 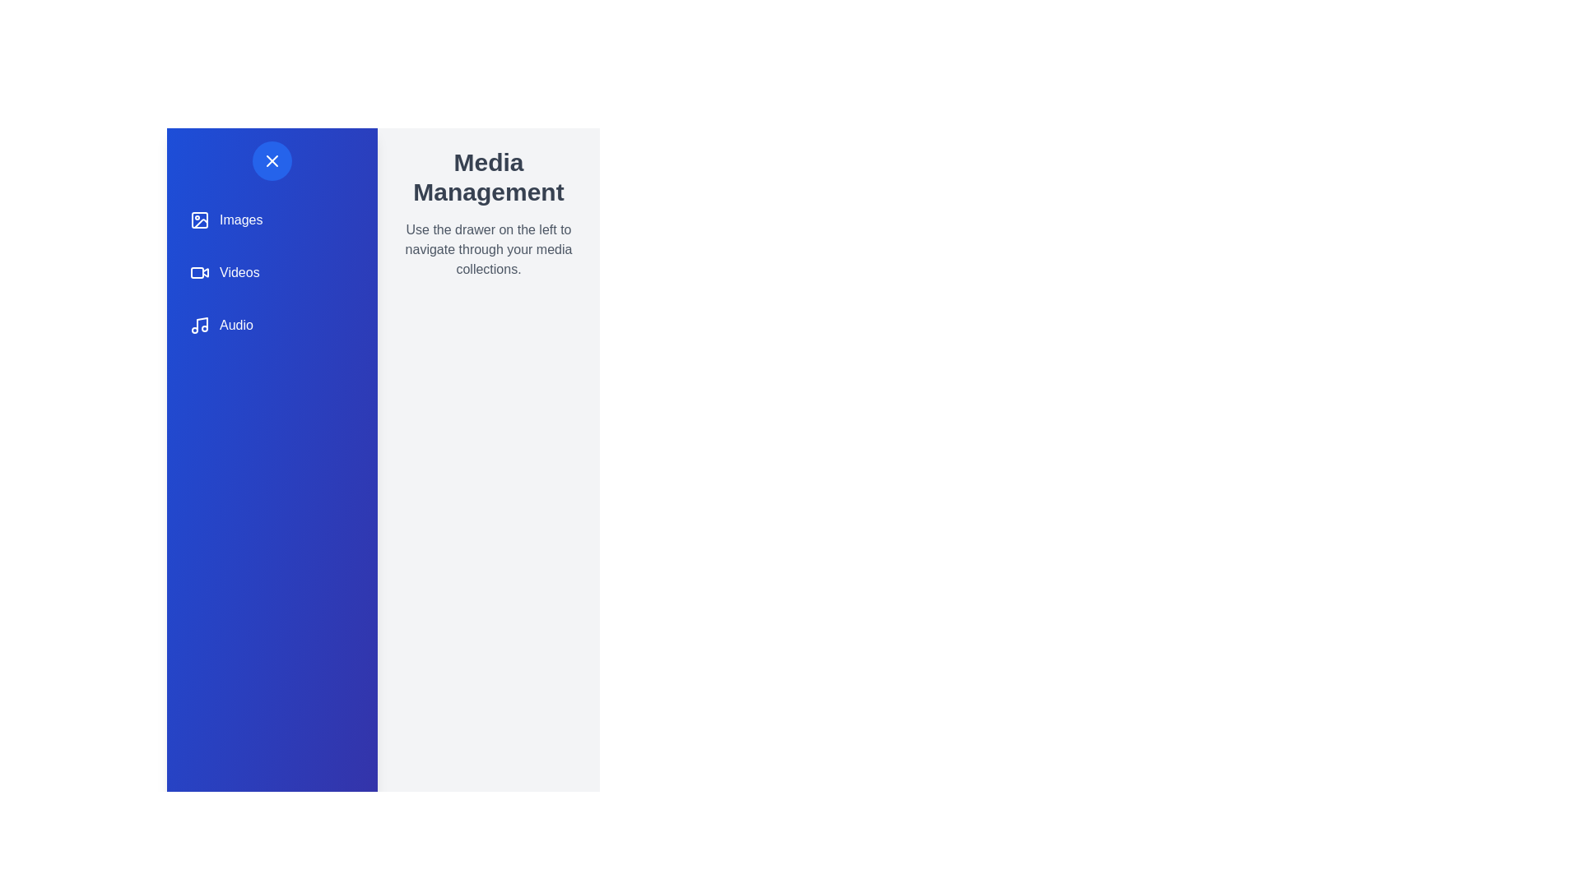 What do you see at coordinates (272, 161) in the screenshot?
I see `the close button at the top of the vertical sidebar to observe the hover effect` at bounding box center [272, 161].